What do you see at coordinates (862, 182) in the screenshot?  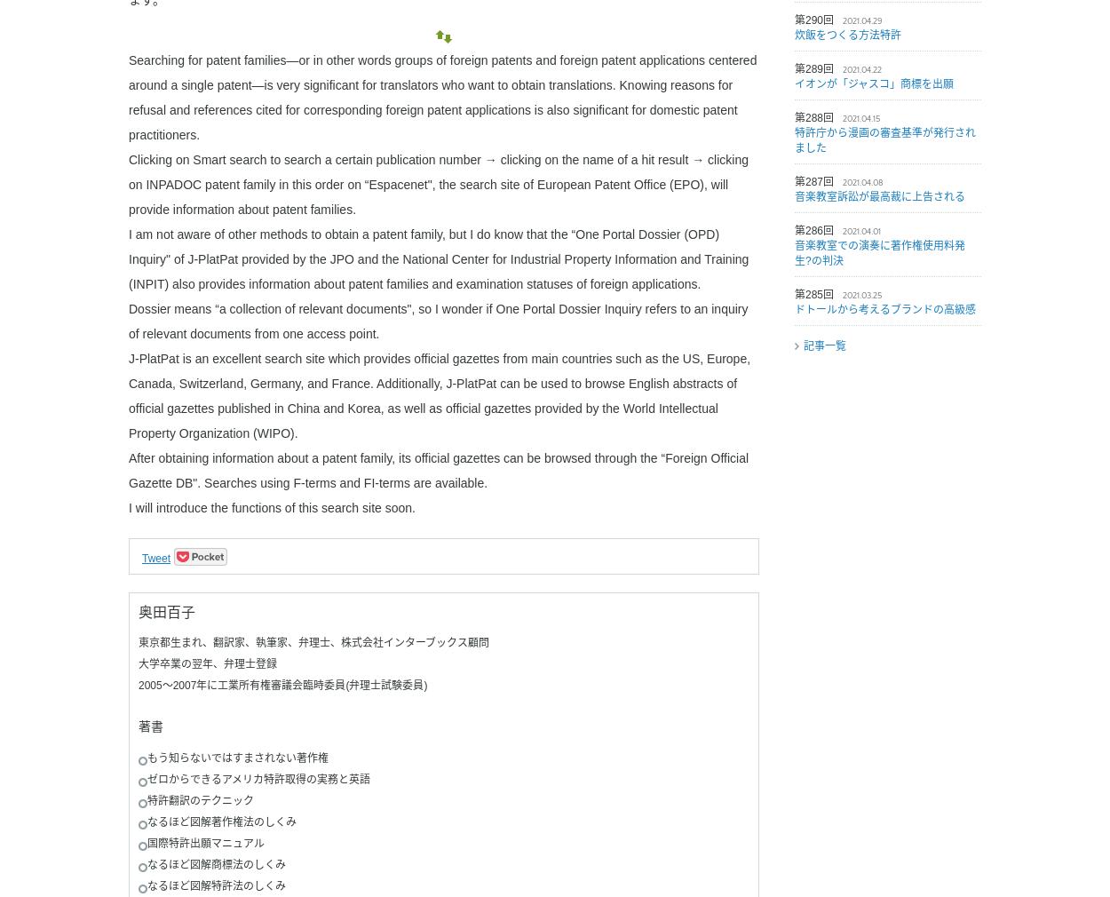 I see `'2021.04.08'` at bounding box center [862, 182].